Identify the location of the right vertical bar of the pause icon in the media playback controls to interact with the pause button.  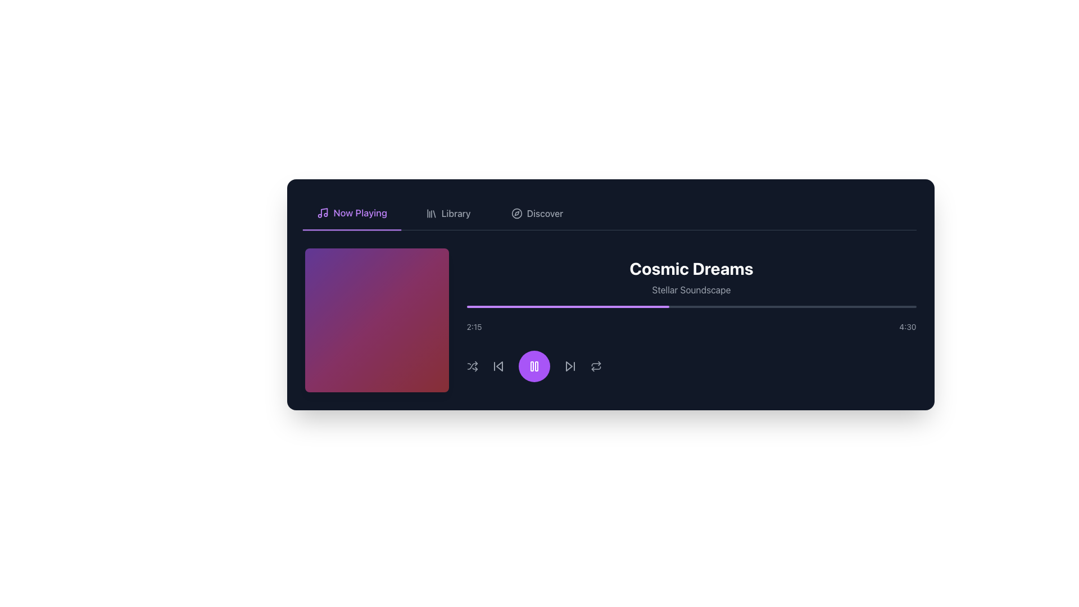
(536, 366).